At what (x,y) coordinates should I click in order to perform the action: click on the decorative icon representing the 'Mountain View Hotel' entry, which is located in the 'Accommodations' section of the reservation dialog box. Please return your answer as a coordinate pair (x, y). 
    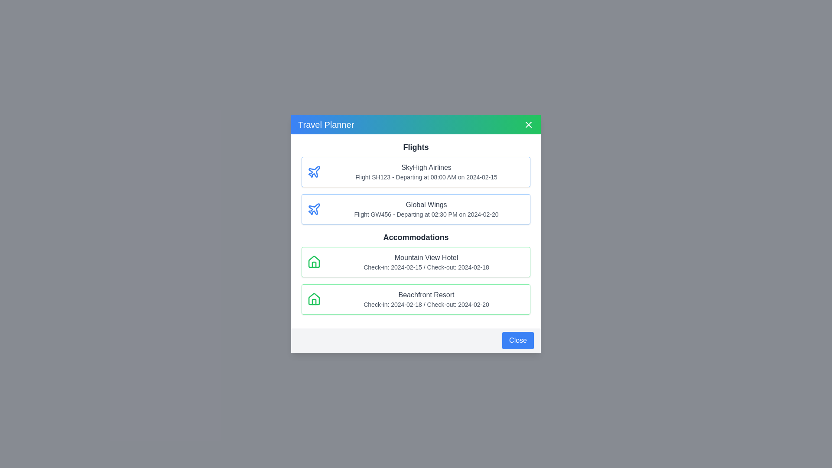
    Looking at the image, I should click on (313, 262).